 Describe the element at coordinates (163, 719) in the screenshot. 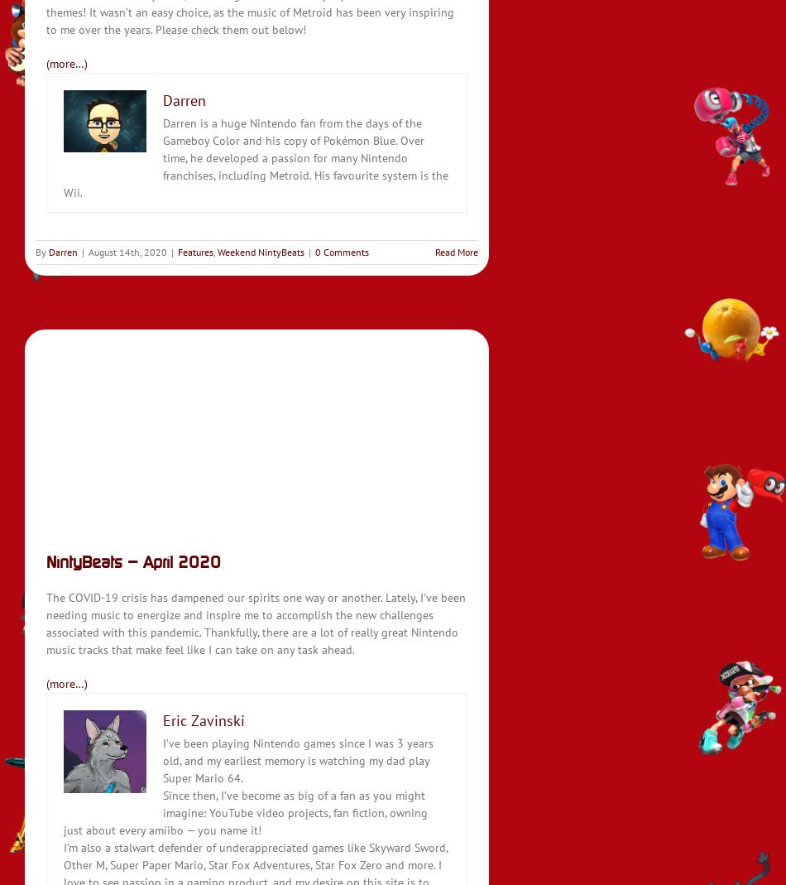

I see `'Eric Zavinski'` at that location.